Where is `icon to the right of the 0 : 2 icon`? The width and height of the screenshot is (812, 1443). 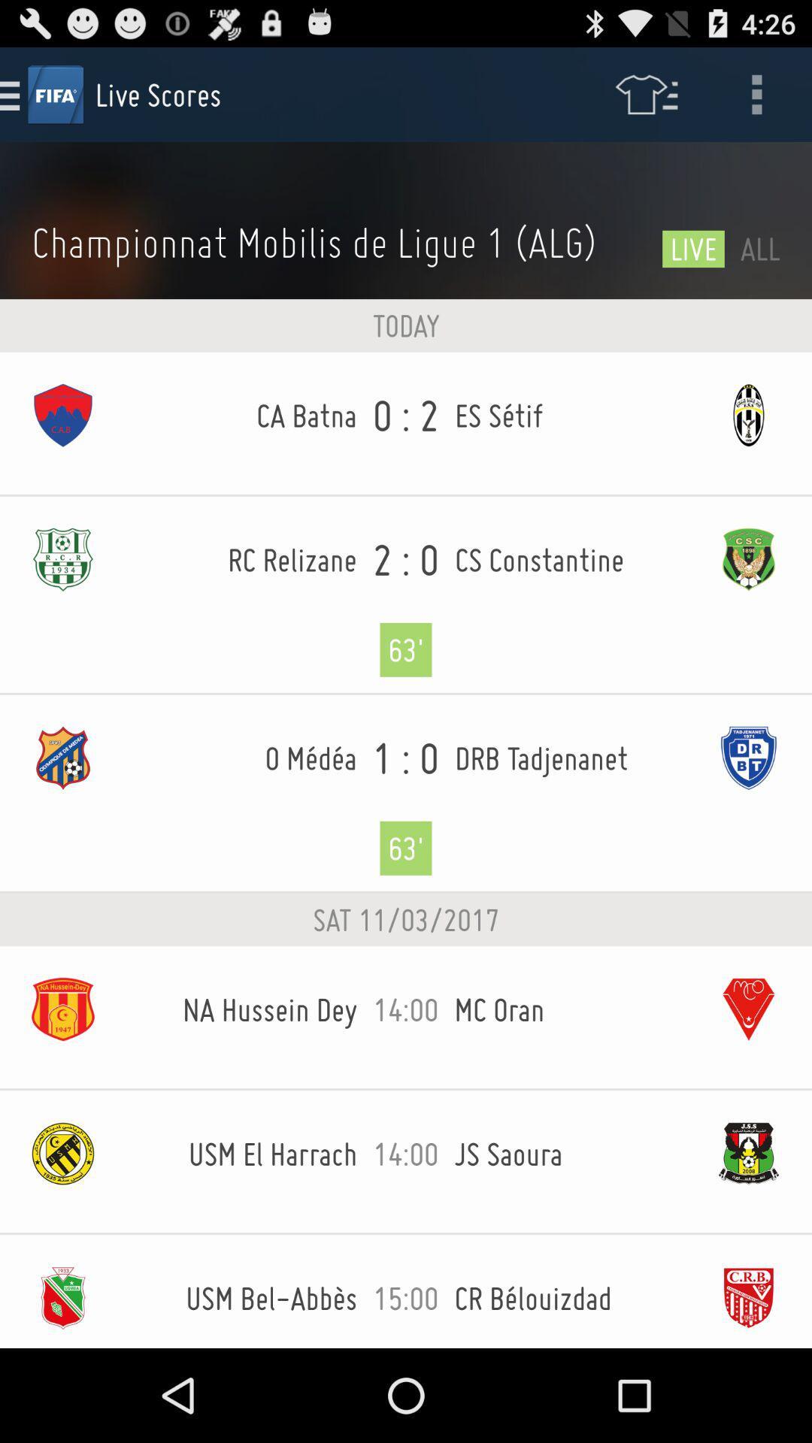 icon to the right of the 0 : 2 icon is located at coordinates (570, 415).